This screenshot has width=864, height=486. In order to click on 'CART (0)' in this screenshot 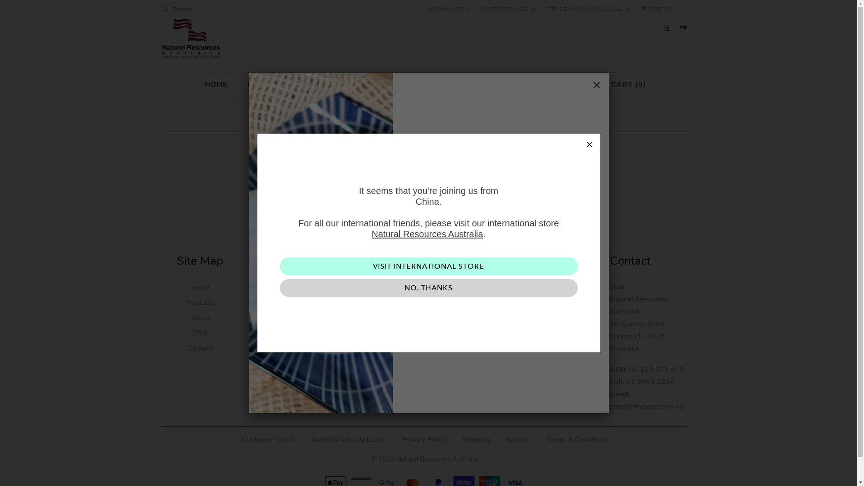, I will do `click(623, 85)`.